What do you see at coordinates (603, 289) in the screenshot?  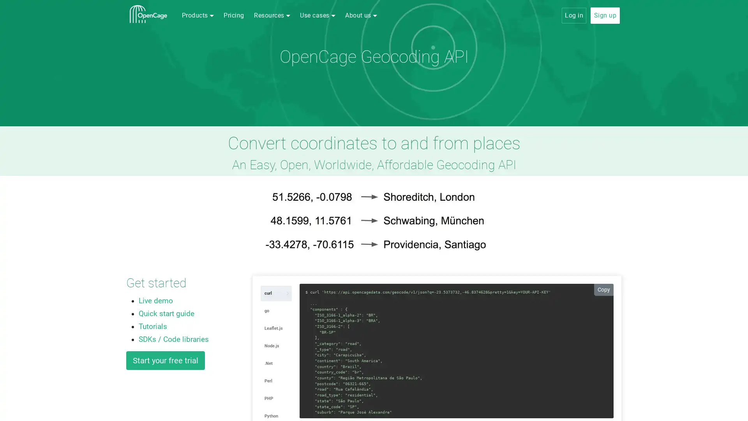 I see `Copy` at bounding box center [603, 289].